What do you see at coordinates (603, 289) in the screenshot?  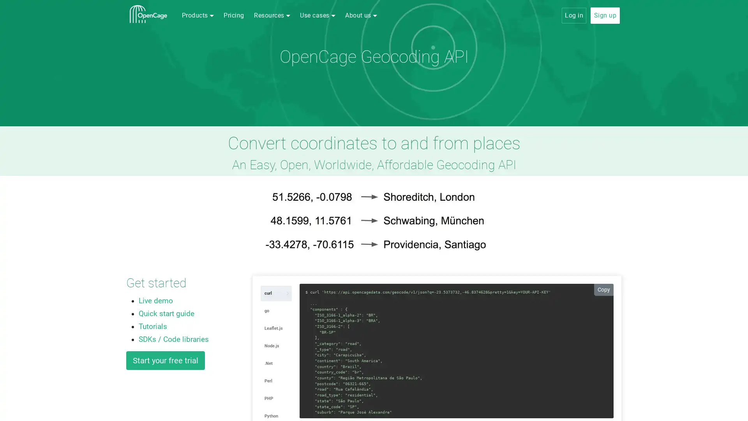 I see `Copy` at bounding box center [603, 289].